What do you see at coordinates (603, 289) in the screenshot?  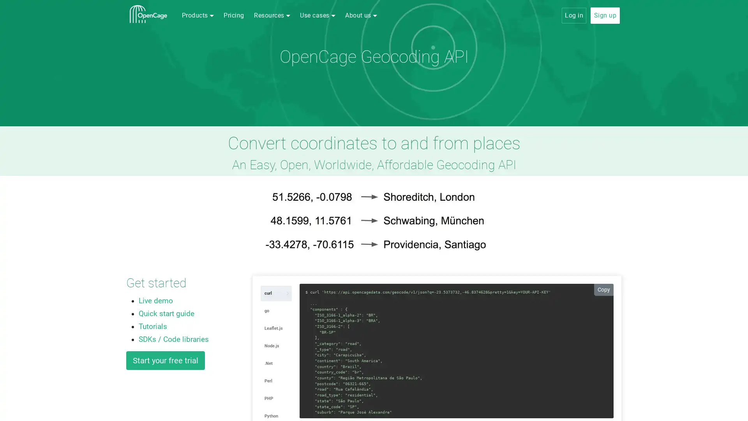 I see `Copy` at bounding box center [603, 289].